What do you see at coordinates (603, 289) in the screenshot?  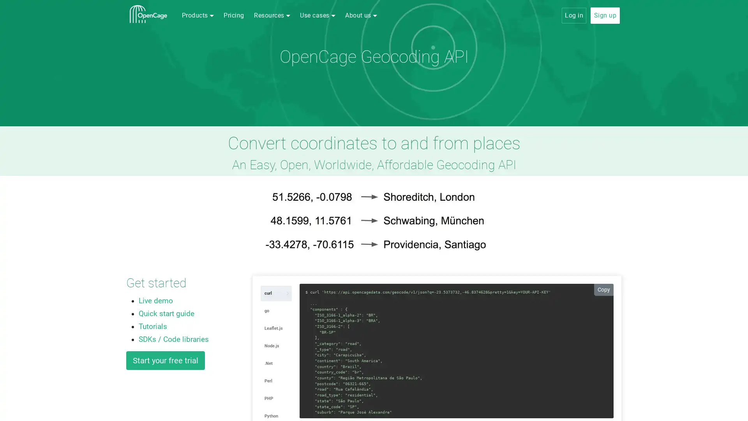 I see `Copy` at bounding box center [603, 289].